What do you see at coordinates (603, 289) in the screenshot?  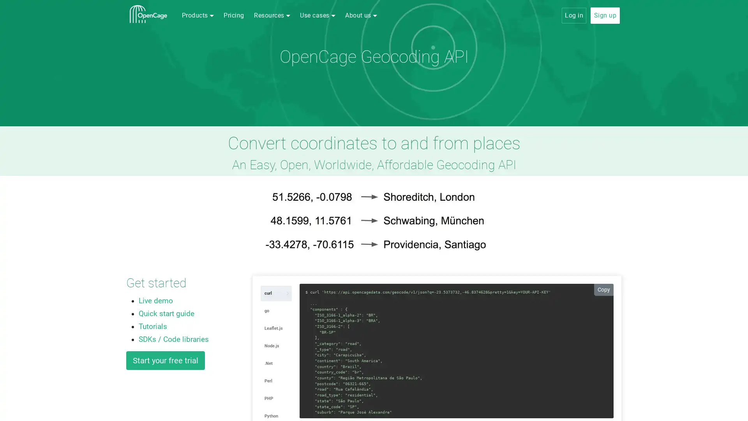 I see `Copy` at bounding box center [603, 289].